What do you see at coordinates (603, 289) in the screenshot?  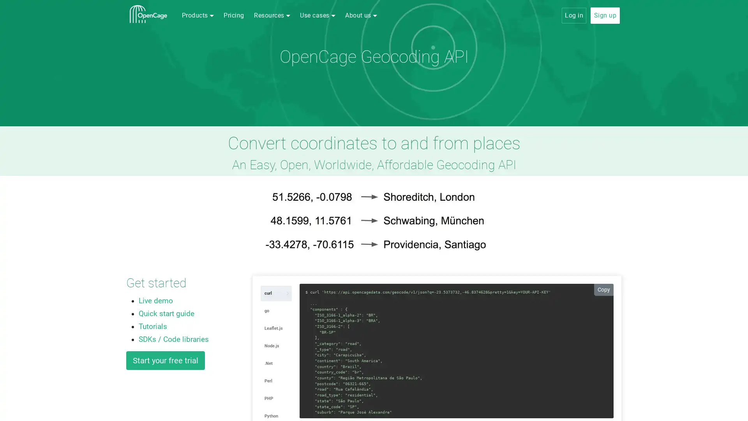 I see `Copy` at bounding box center [603, 289].